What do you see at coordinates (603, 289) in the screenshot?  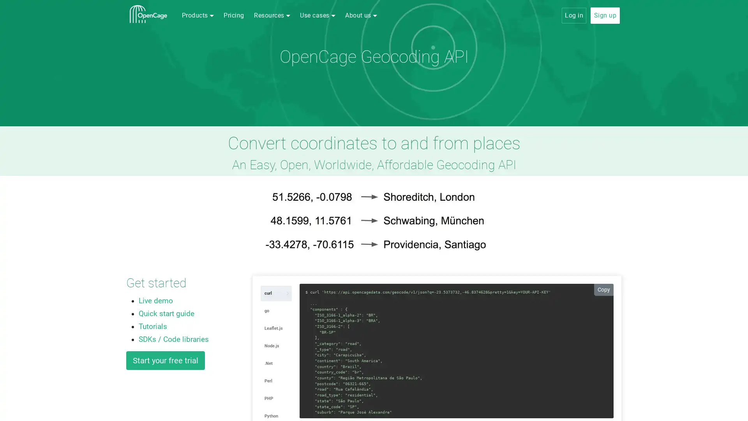 I see `Copy` at bounding box center [603, 289].